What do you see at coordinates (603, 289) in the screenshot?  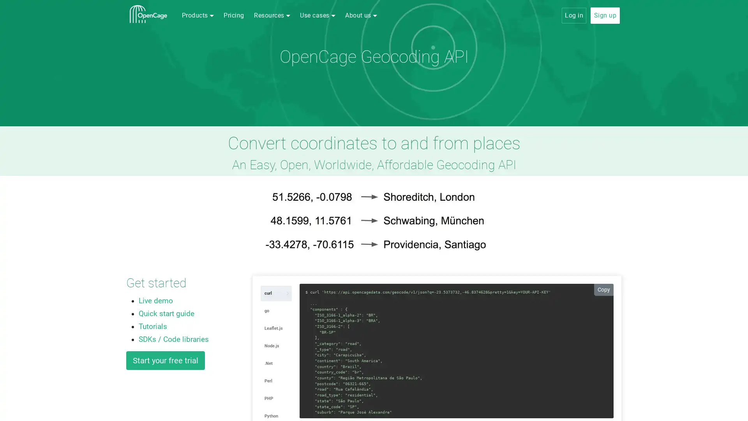 I see `Copy` at bounding box center [603, 289].